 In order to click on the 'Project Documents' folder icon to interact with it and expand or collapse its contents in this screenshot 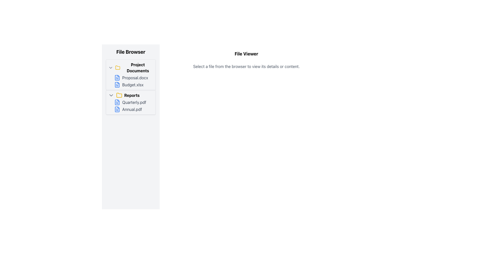, I will do `click(117, 68)`.